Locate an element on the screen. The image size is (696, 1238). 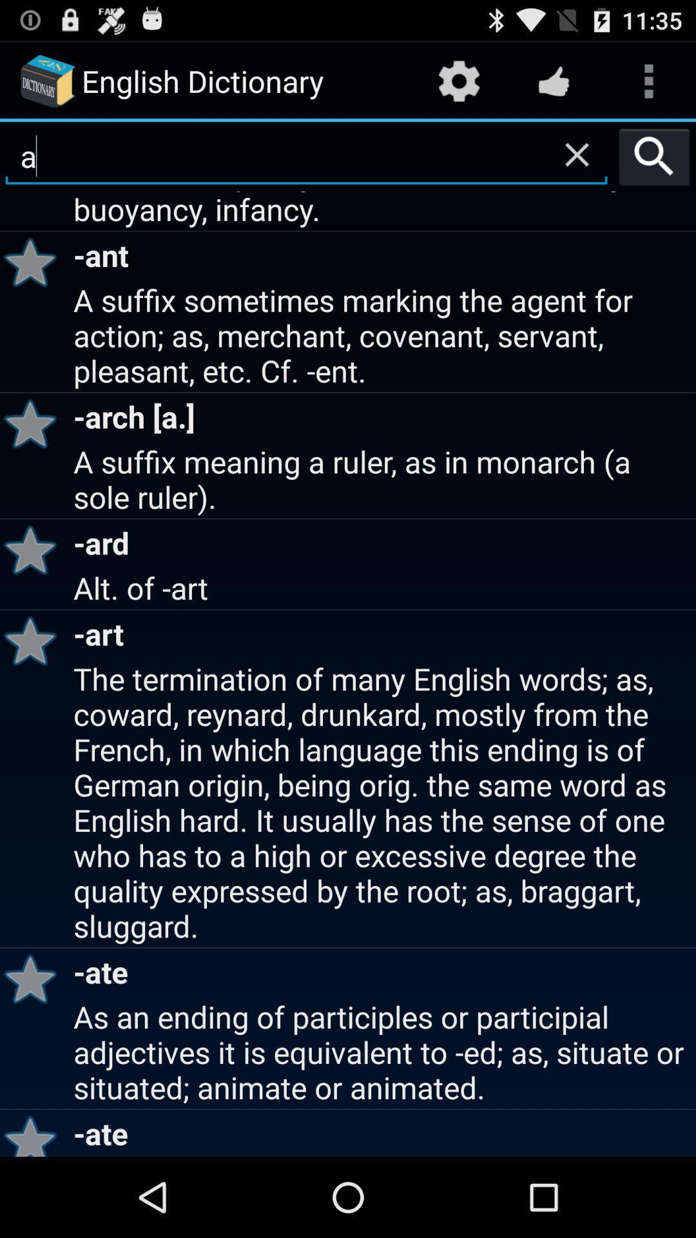
icon to the left of the alt. of -art item is located at coordinates (34, 640).